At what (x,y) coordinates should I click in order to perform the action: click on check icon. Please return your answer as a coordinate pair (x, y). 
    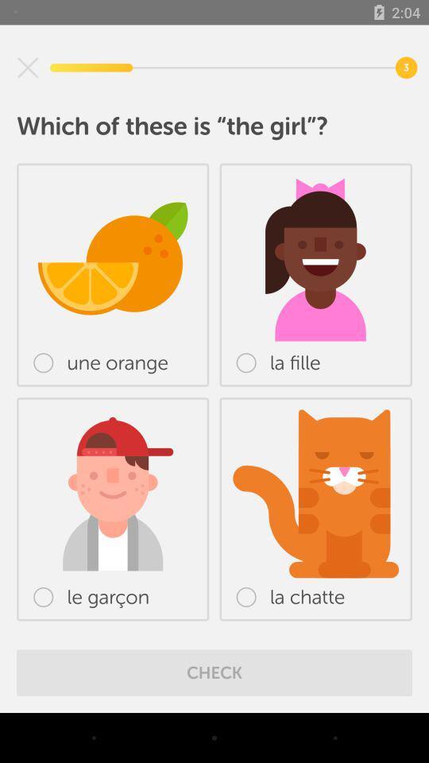
    Looking at the image, I should click on (214, 672).